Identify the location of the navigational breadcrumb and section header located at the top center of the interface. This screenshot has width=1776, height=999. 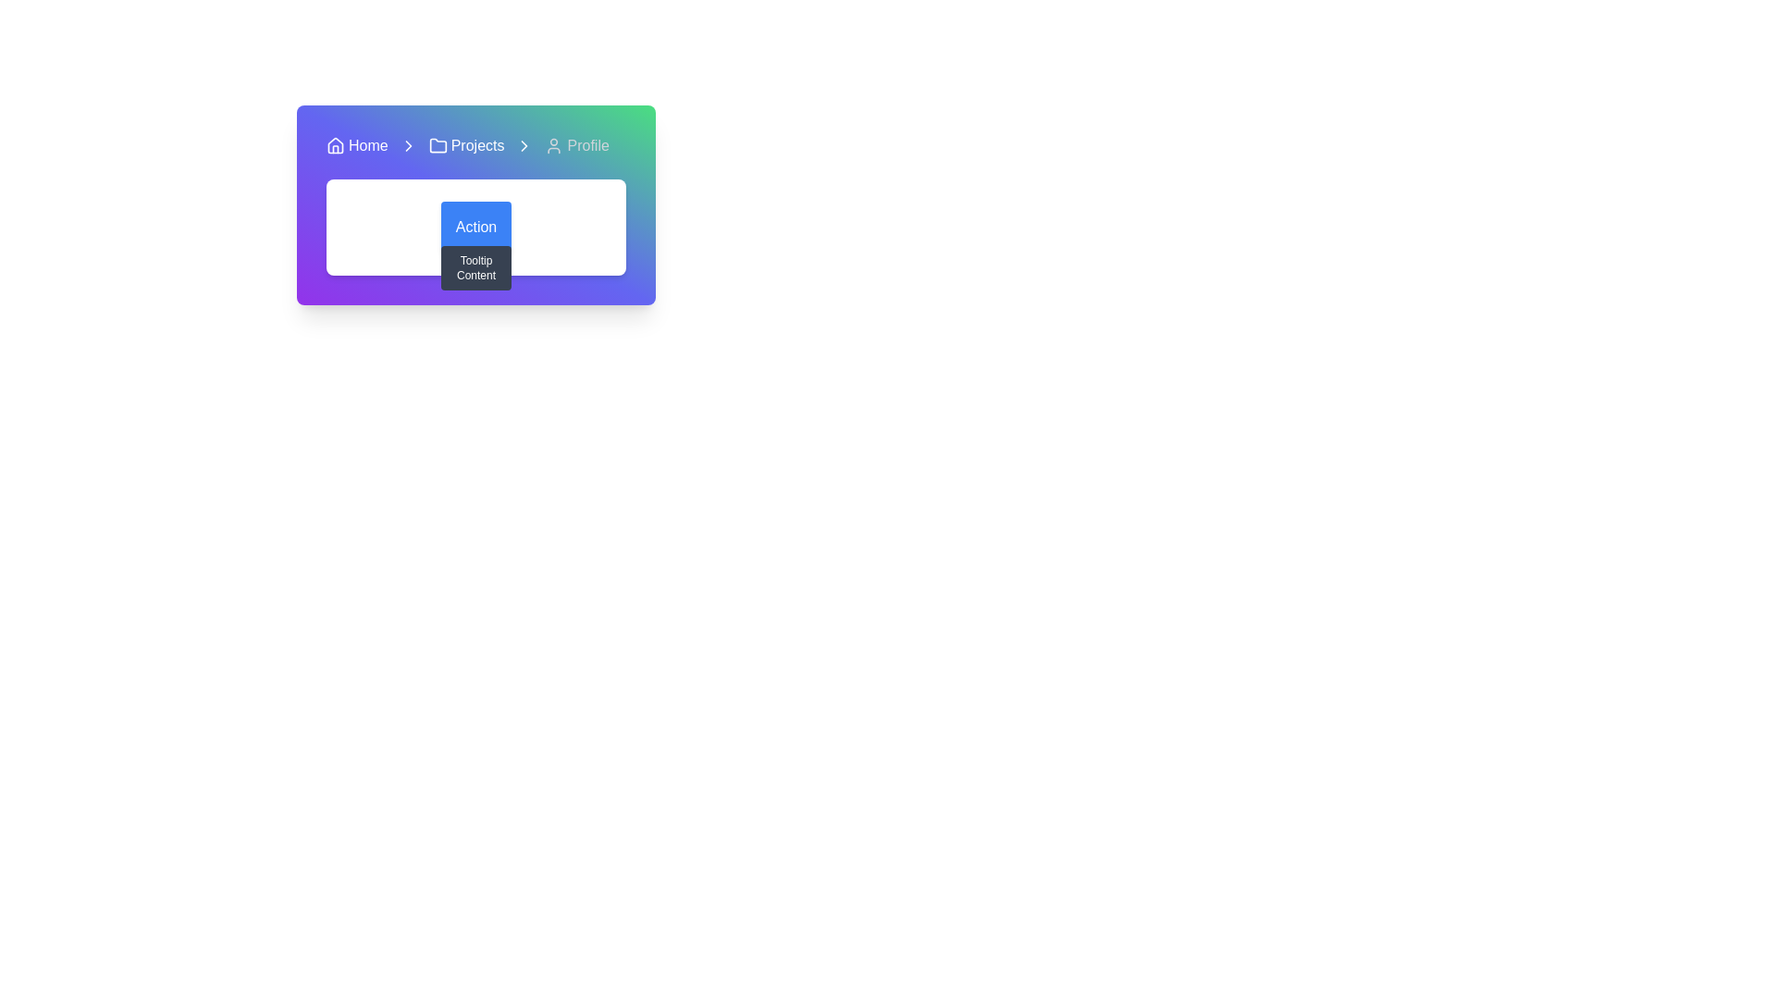
(475, 205).